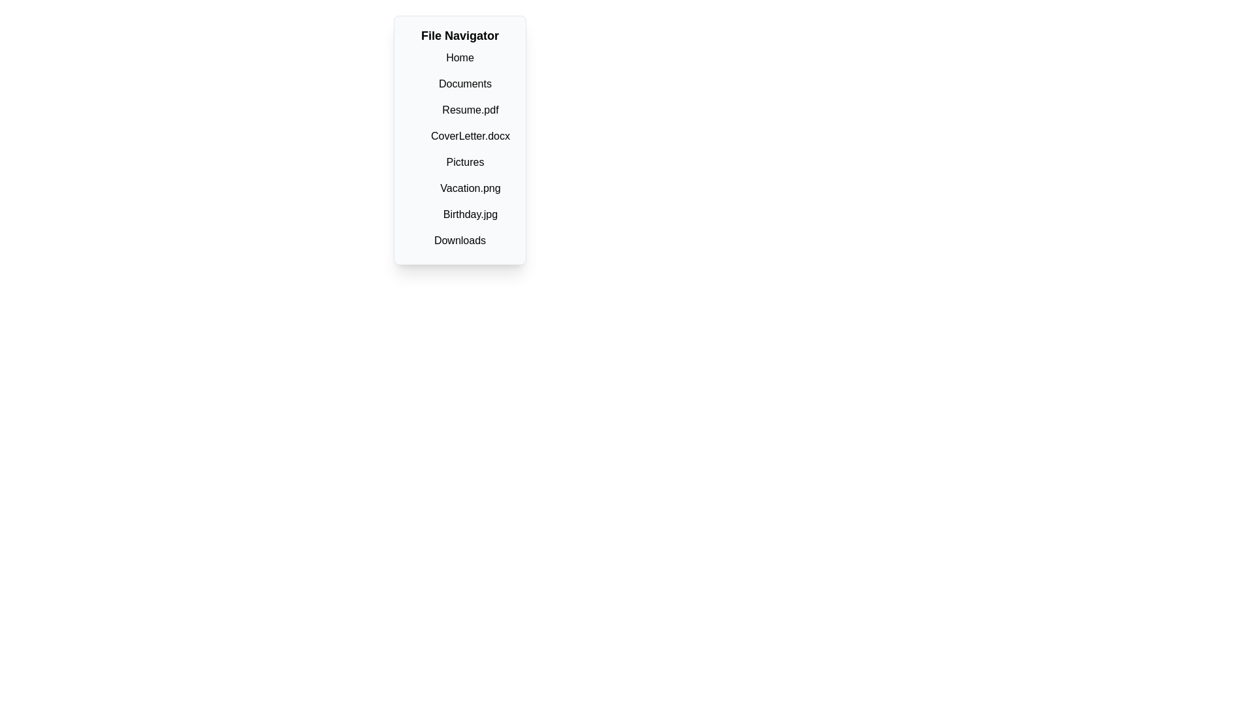  Describe the element at coordinates (470, 109) in the screenshot. I see `the text label representing the file named 'Resume.pdf'` at that location.